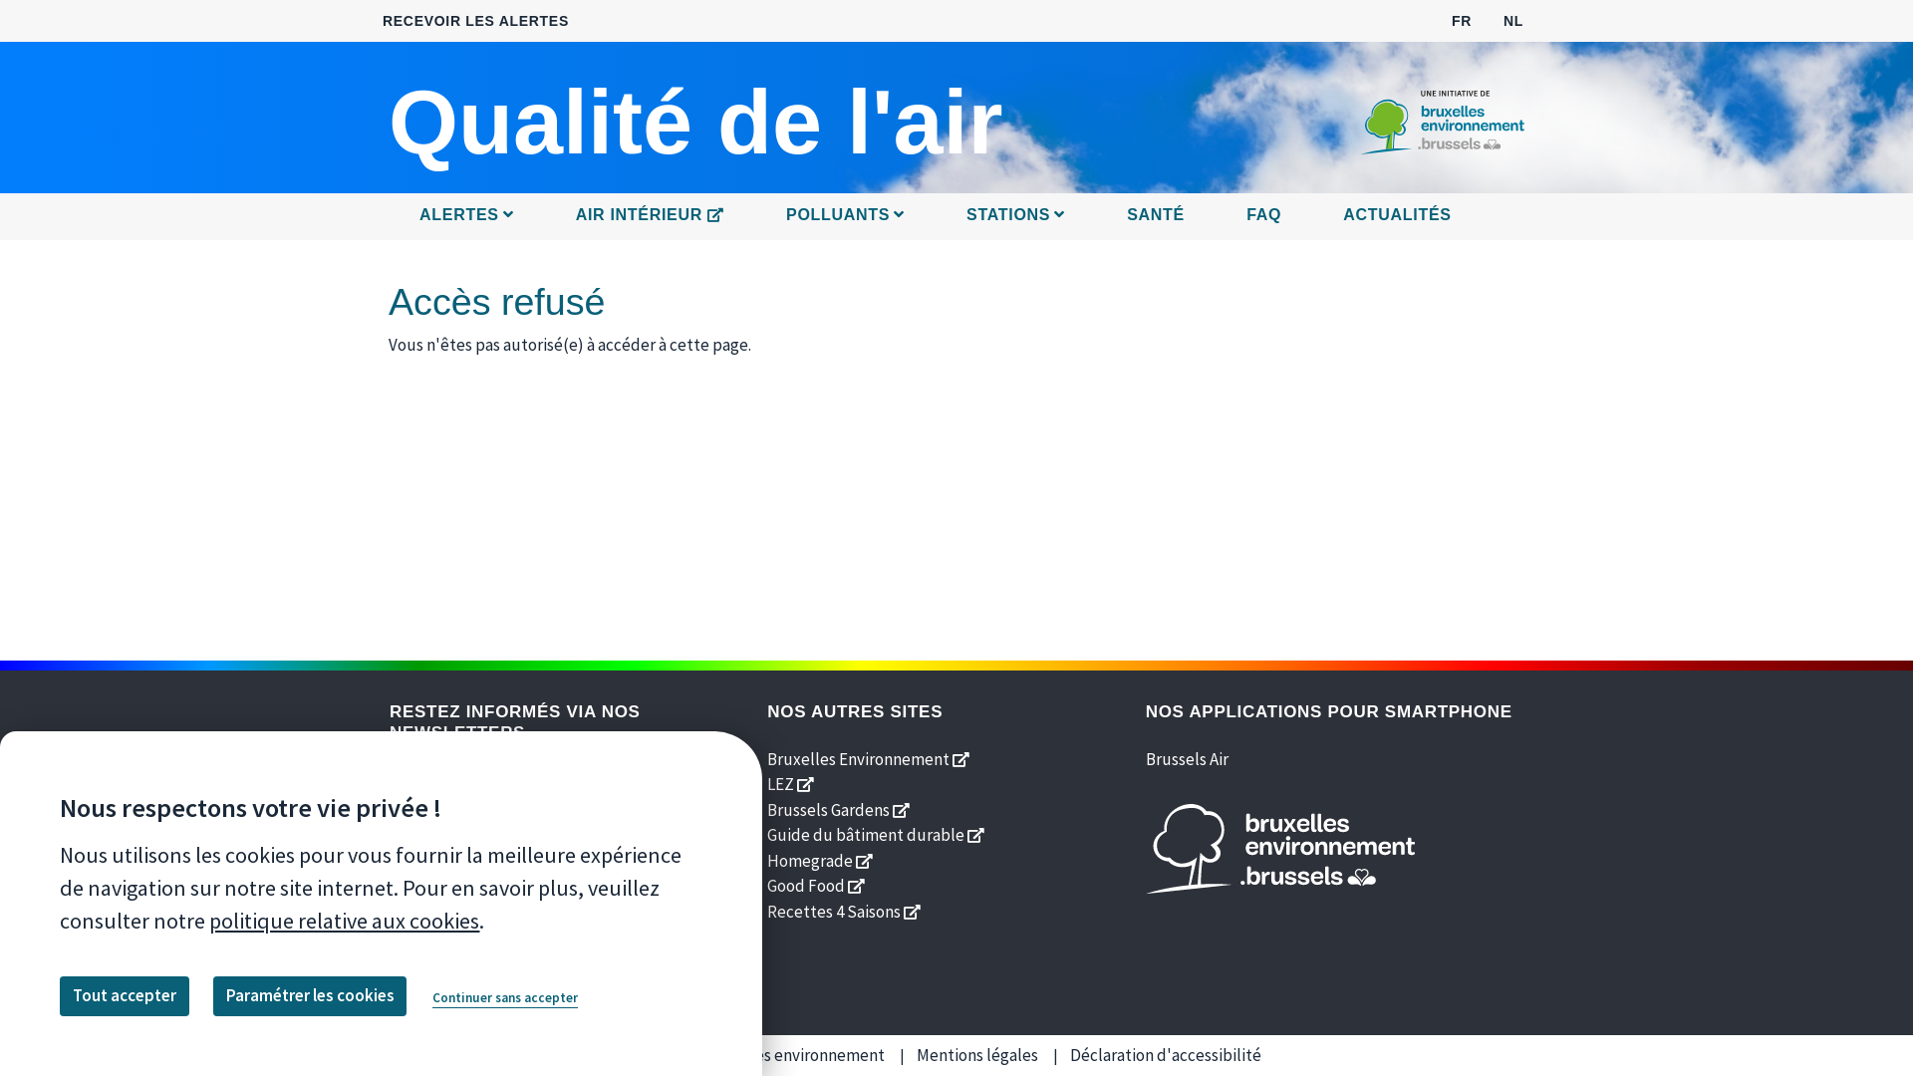  Describe the element at coordinates (498, 902) in the screenshot. I see `'Youtube'` at that location.